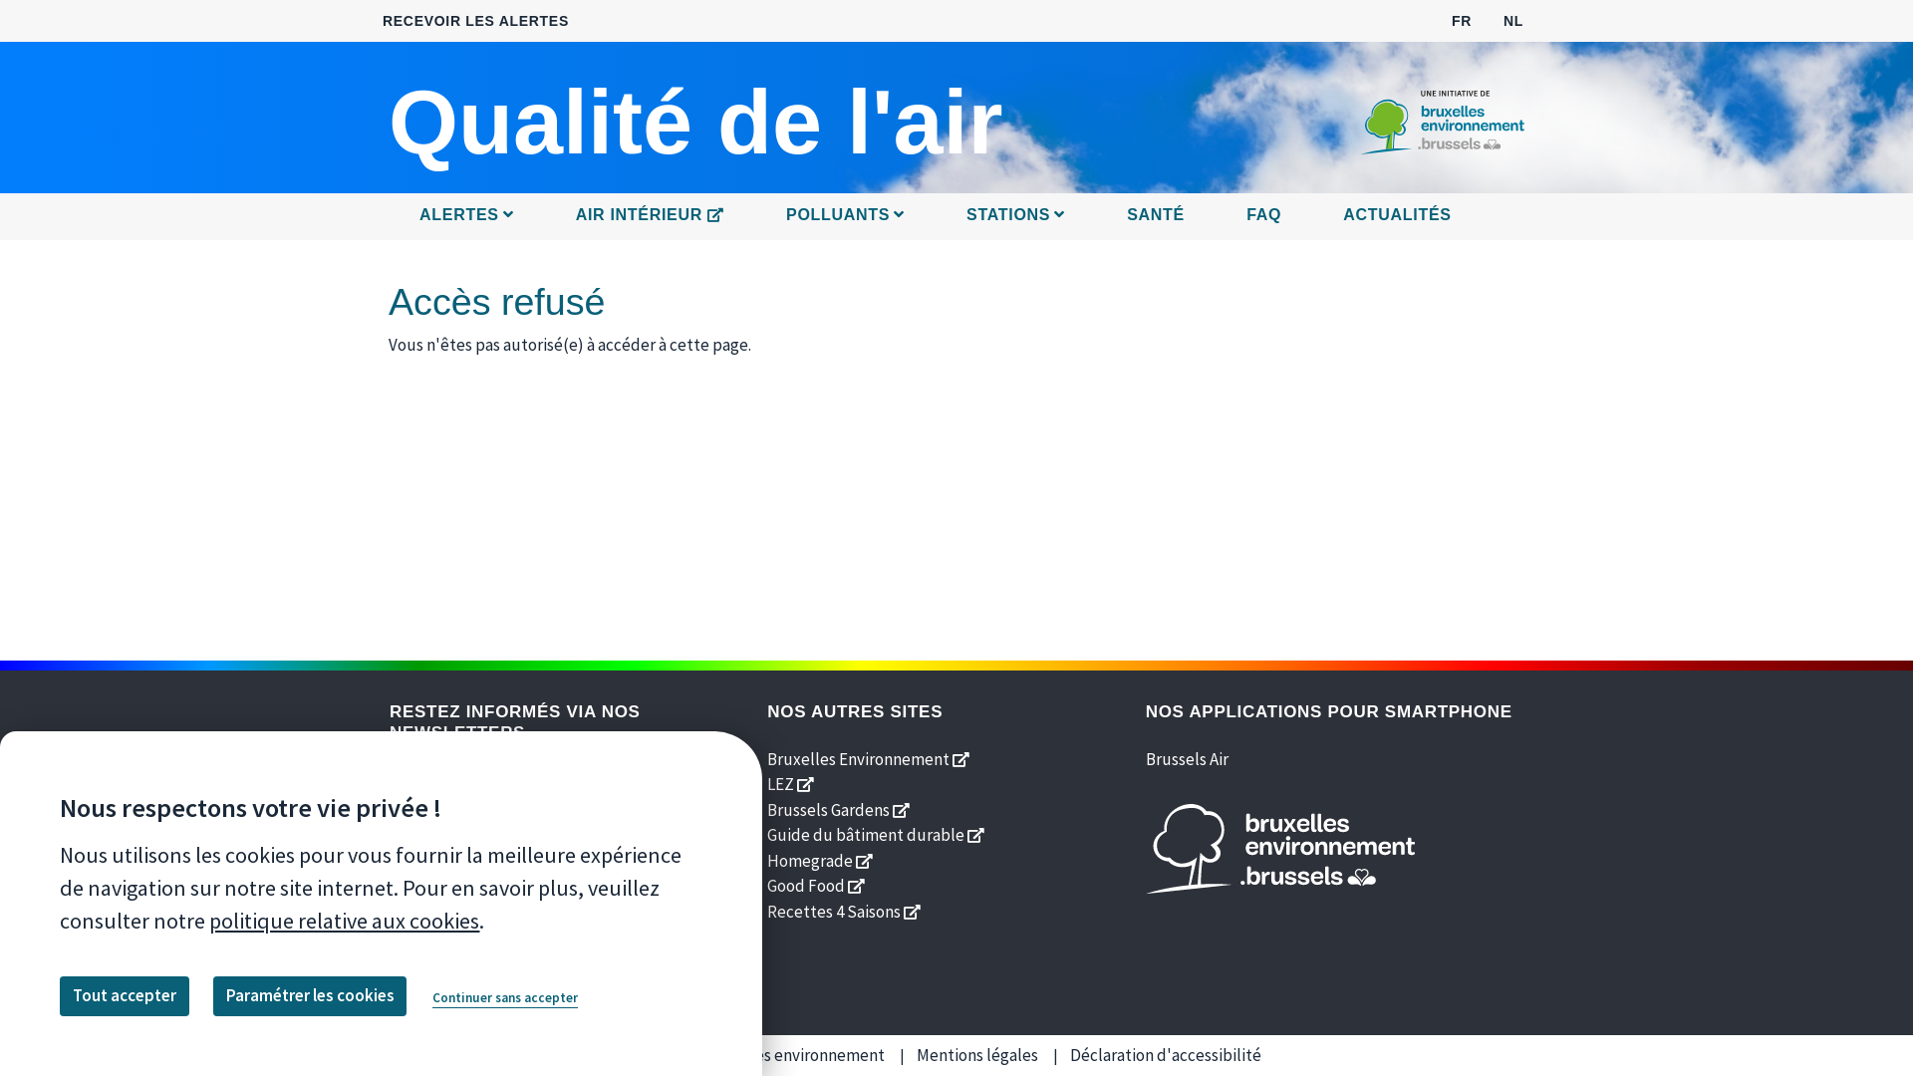  Describe the element at coordinates (498, 902) in the screenshot. I see `'Youtube'` at that location.